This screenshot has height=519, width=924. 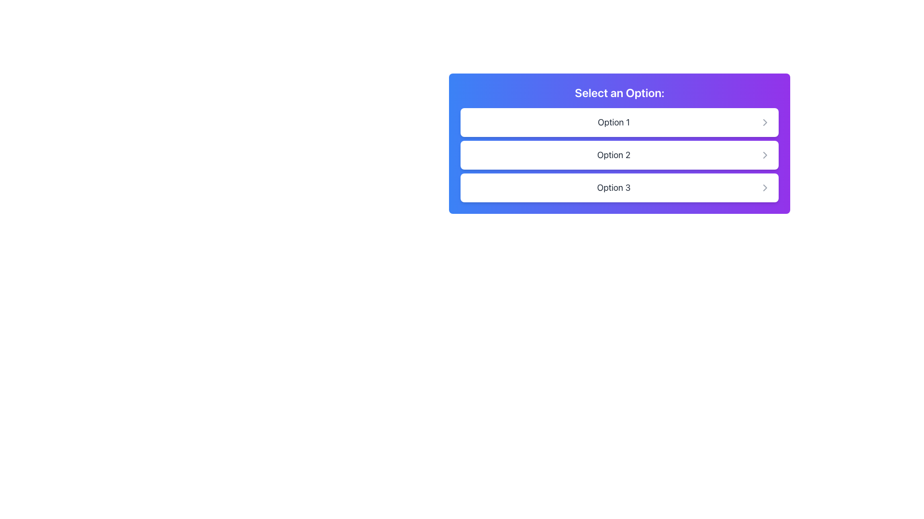 I want to click on the chevron icon button located to the extreme right of 'Option 3', so click(x=764, y=187).